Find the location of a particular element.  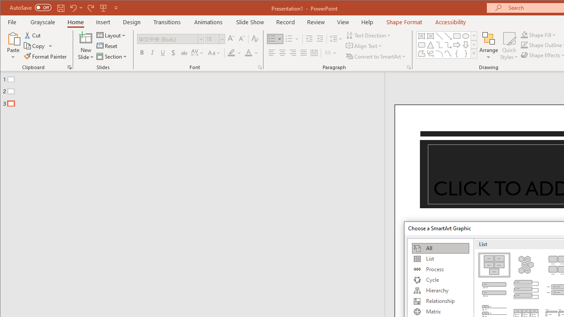

'Relationship' is located at coordinates (440, 301).